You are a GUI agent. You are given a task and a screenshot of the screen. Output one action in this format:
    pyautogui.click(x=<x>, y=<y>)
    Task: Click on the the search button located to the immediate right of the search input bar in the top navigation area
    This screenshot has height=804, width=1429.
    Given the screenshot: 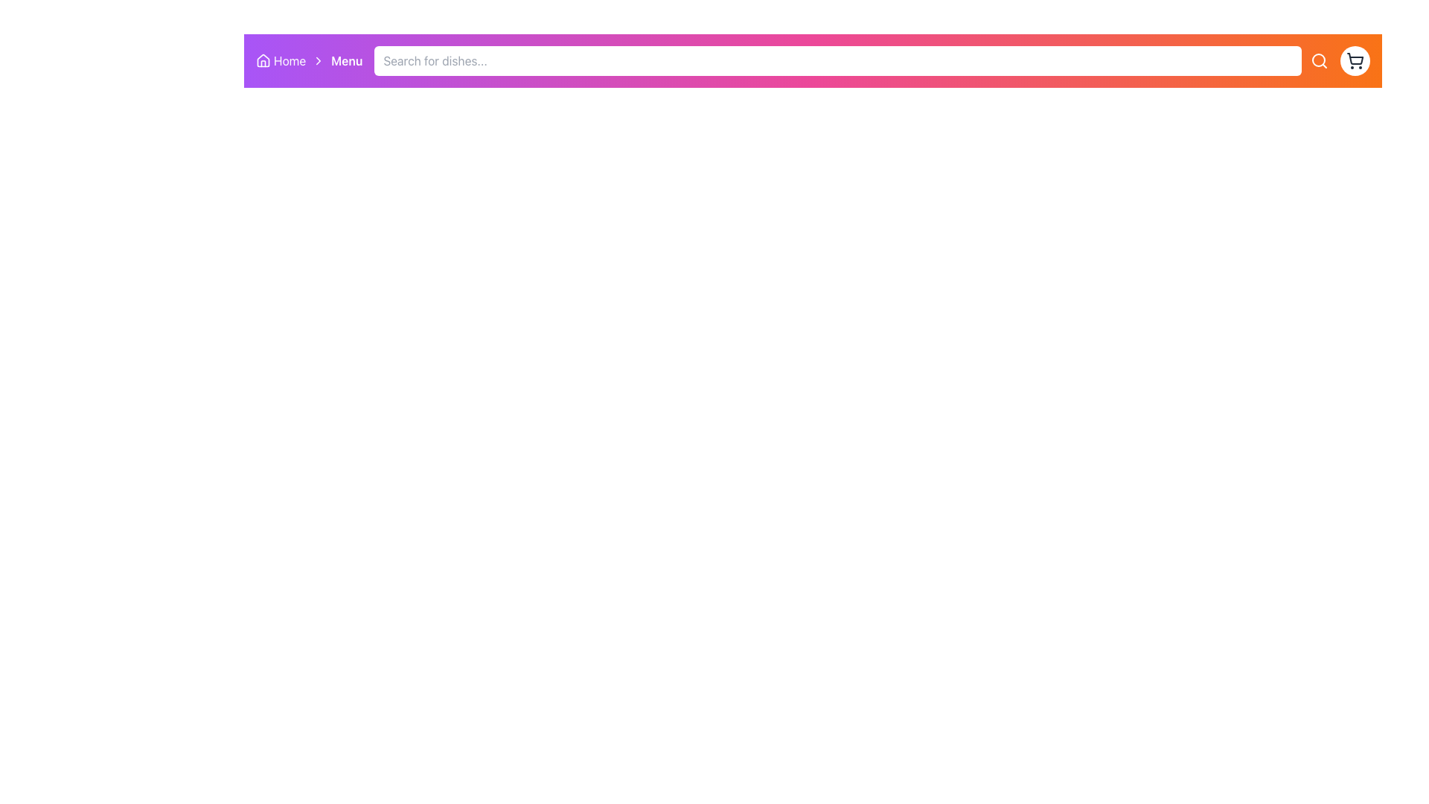 What is the action you would take?
    pyautogui.click(x=1319, y=60)
    